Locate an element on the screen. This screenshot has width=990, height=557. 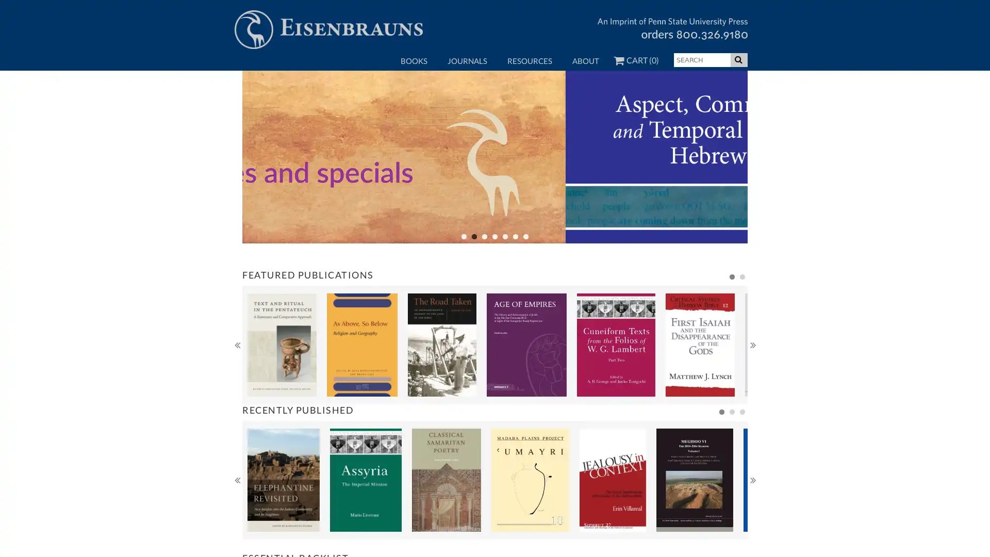
1 is located at coordinates (721, 451).